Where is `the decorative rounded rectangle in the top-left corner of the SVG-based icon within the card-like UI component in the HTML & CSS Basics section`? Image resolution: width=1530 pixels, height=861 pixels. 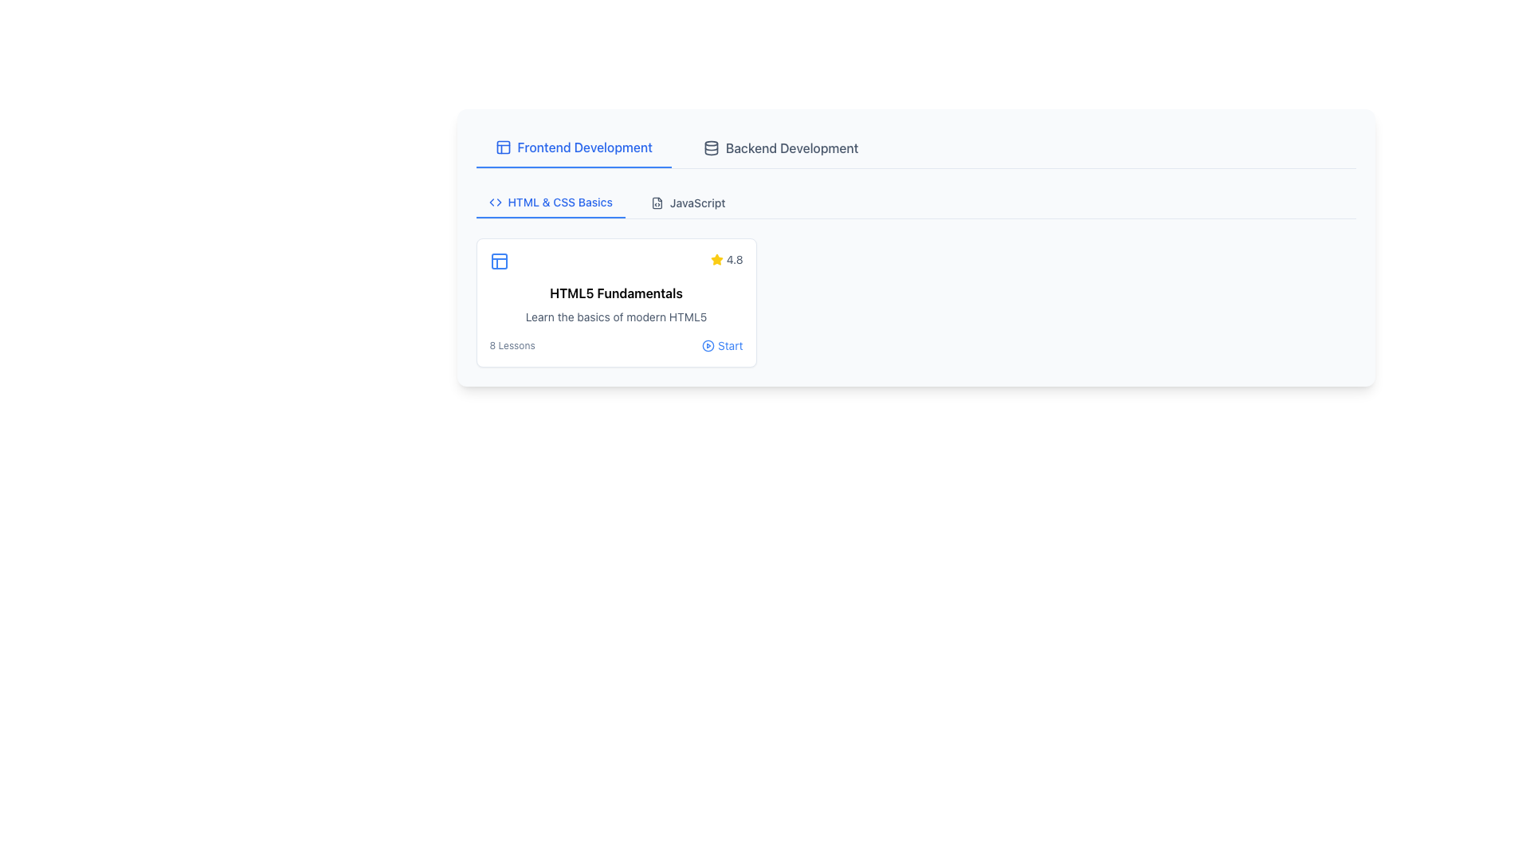 the decorative rounded rectangle in the top-left corner of the SVG-based icon within the card-like UI component in the HTML & CSS Basics section is located at coordinates (498, 260).